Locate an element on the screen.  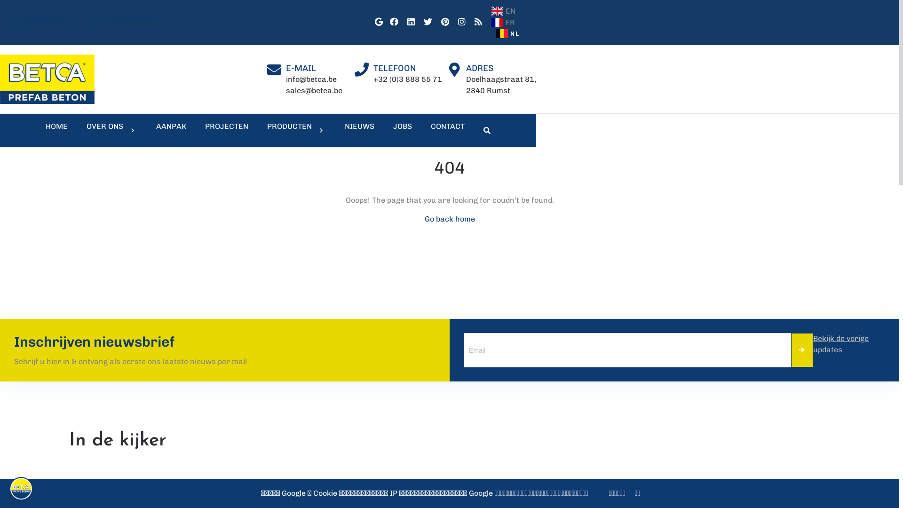
'+32 (0)3 888 55 71' is located at coordinates (408, 79).